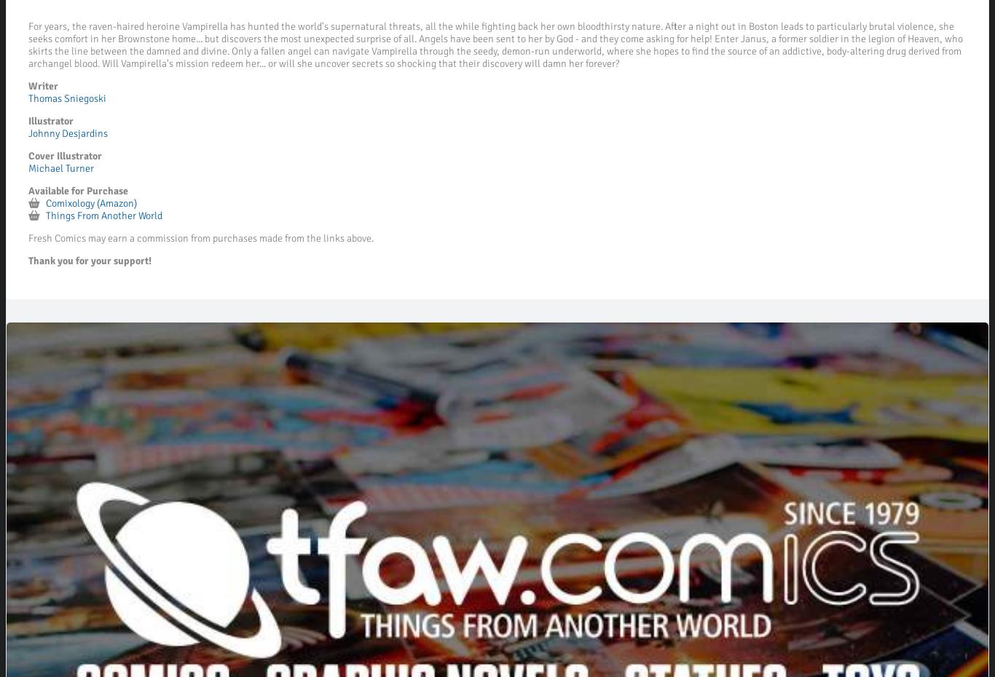 The height and width of the screenshot is (677, 995). What do you see at coordinates (78, 191) in the screenshot?
I see `'Available for Purchase'` at bounding box center [78, 191].